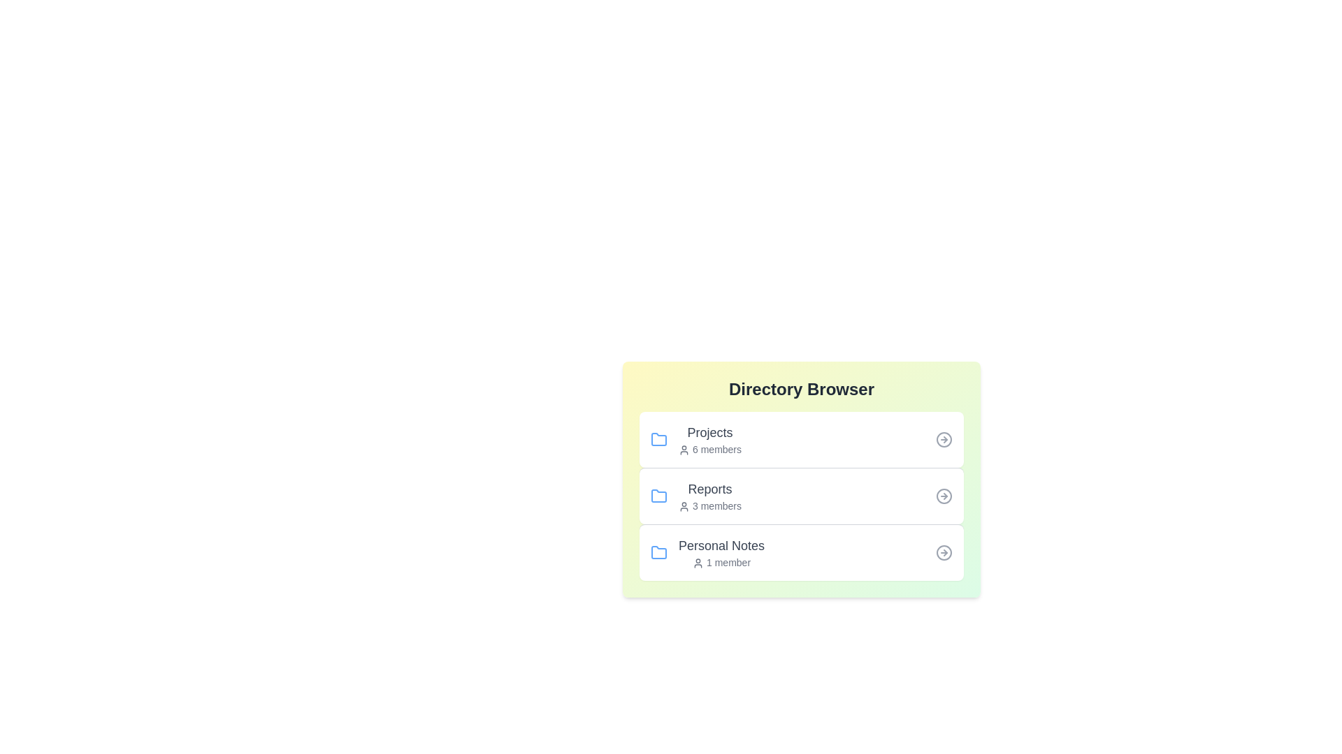  Describe the element at coordinates (802, 552) in the screenshot. I see `the directory Personal Notes by clicking on its list item` at that location.